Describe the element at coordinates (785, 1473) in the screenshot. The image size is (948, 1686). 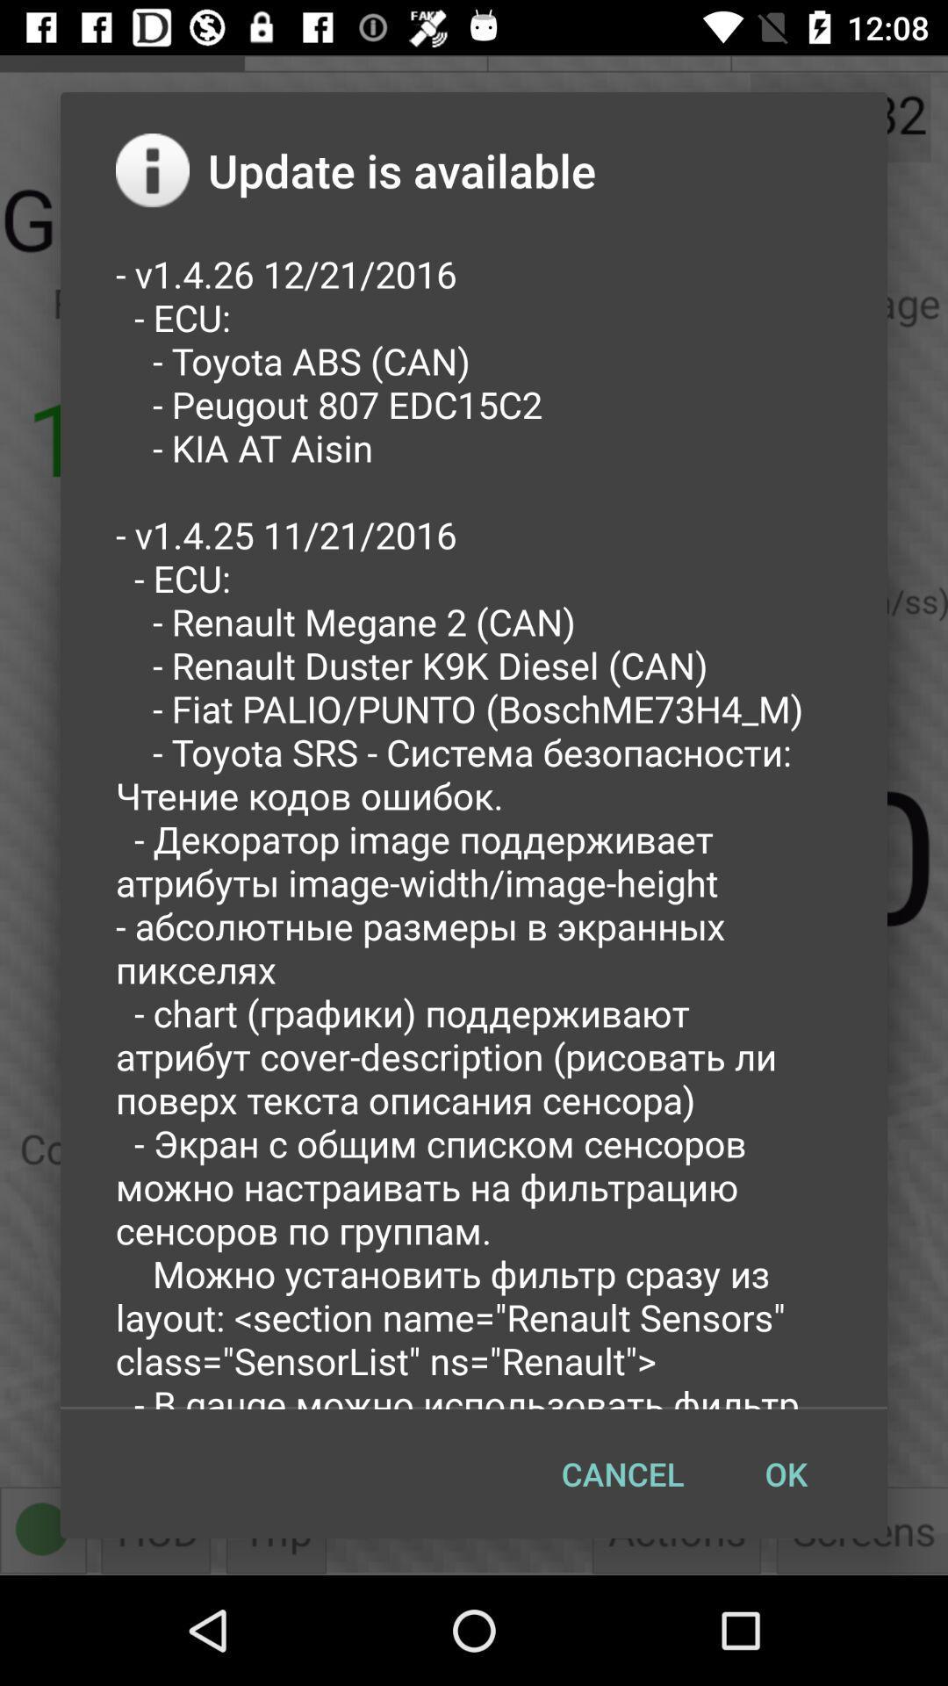
I see `ok button` at that location.